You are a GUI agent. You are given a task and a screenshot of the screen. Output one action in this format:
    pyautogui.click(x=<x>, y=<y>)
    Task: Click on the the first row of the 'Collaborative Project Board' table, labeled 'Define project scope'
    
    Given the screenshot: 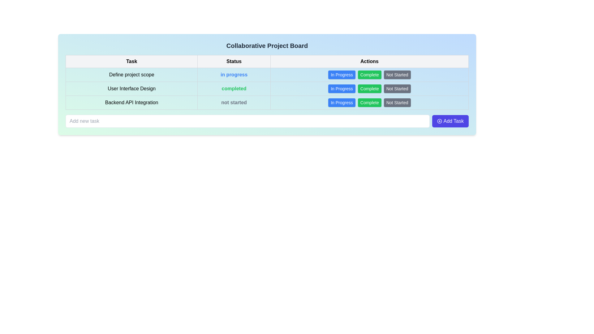 What is the action you would take?
    pyautogui.click(x=267, y=75)
    